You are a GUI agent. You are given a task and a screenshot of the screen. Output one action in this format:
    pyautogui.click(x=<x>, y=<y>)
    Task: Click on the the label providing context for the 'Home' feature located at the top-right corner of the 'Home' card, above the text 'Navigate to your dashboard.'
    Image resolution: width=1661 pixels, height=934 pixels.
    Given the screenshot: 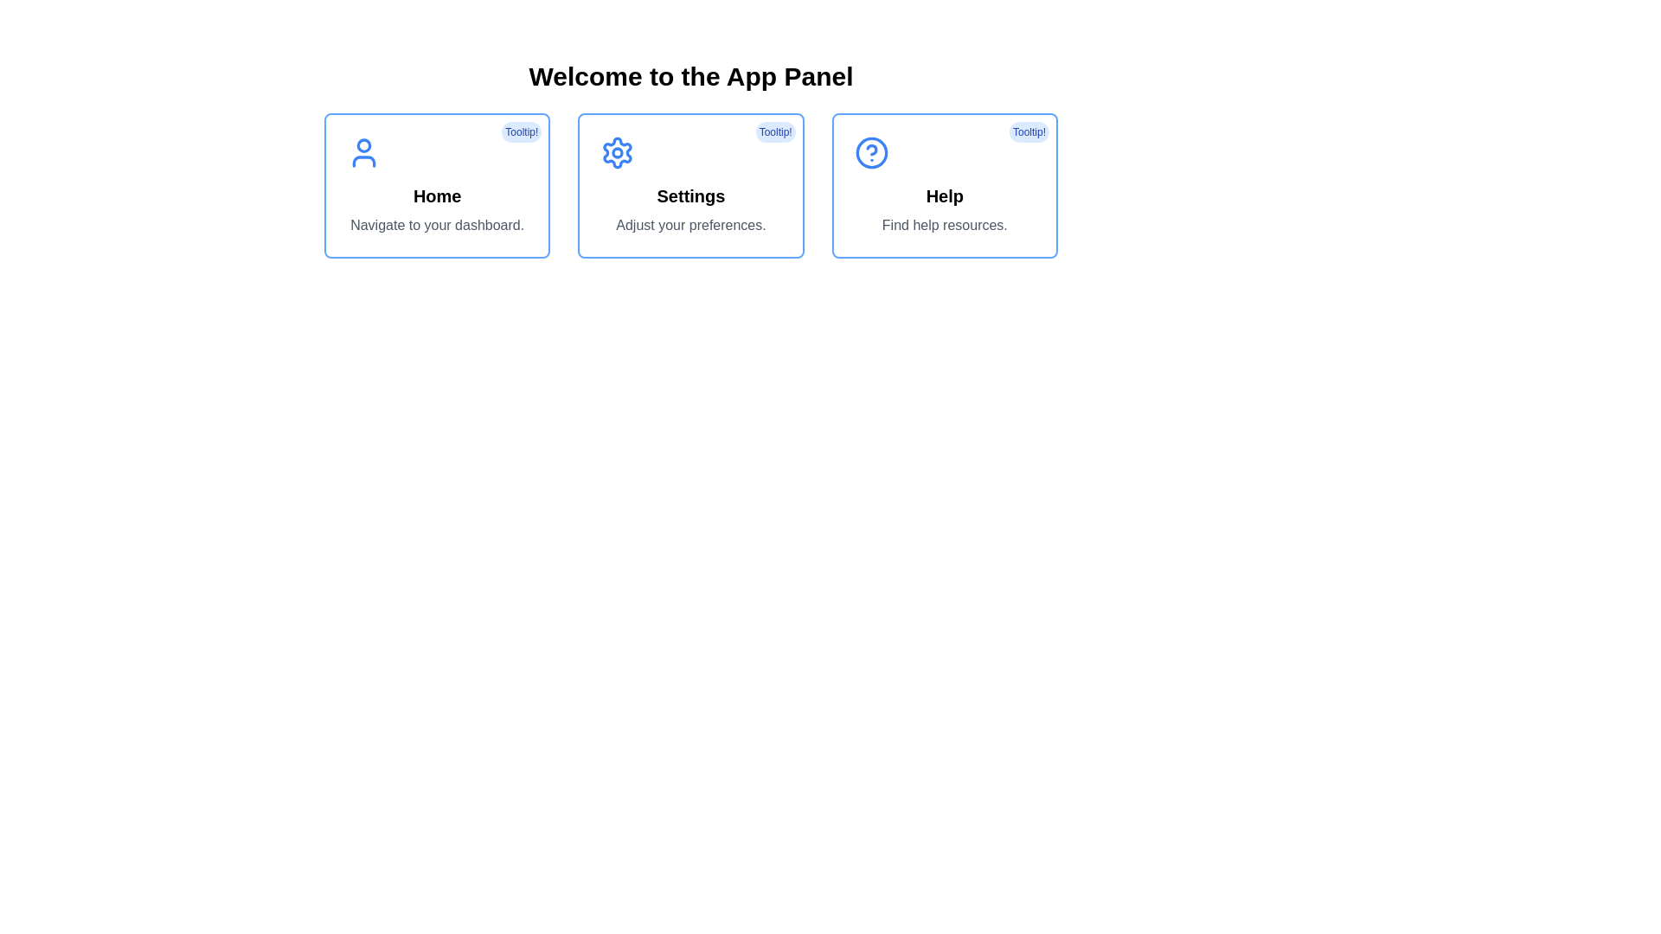 What is the action you would take?
    pyautogui.click(x=521, y=131)
    